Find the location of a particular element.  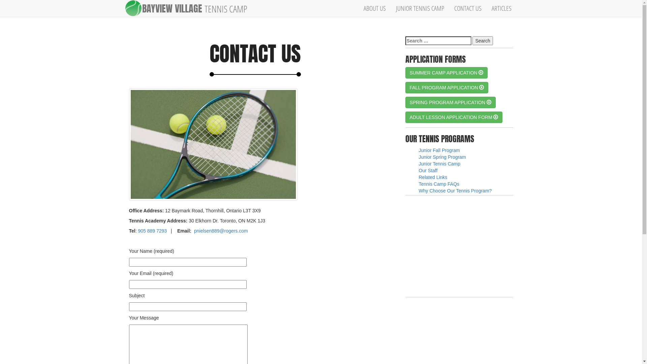

'ABOUT US' is located at coordinates (358, 8).